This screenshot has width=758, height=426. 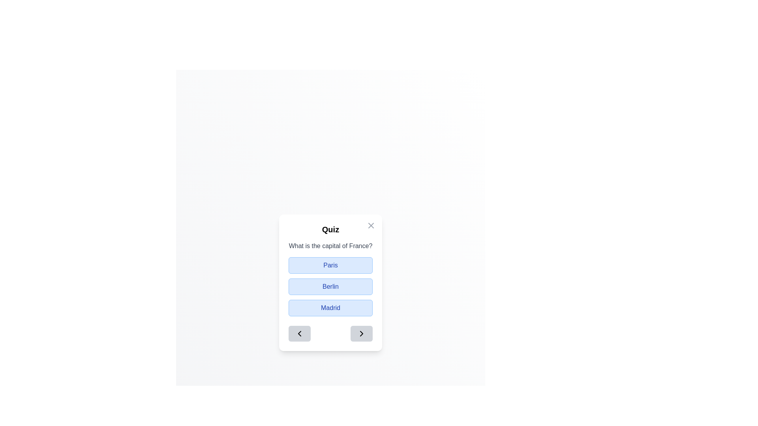 I want to click on the rectangular button with a light gray background and a left-pointing black chevron arrow, so click(x=299, y=333).